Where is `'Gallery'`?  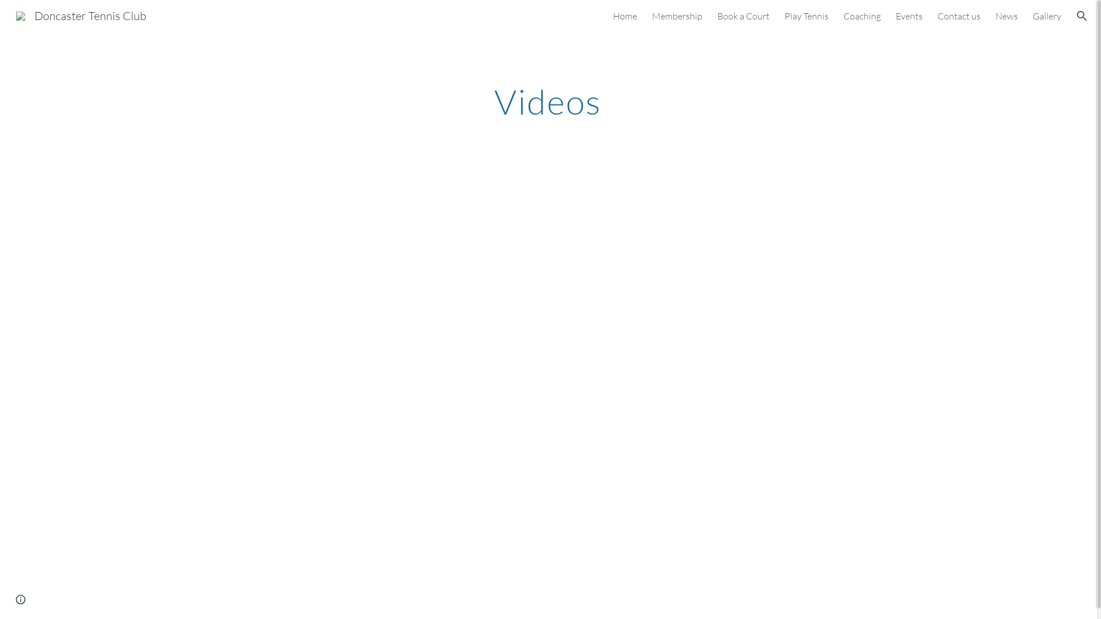 'Gallery' is located at coordinates (1047, 15).